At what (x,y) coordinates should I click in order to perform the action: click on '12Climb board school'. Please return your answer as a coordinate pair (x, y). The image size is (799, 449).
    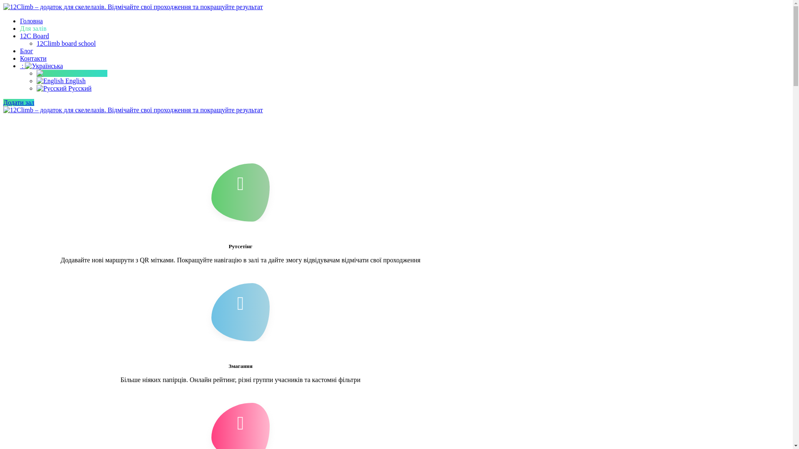
    Looking at the image, I should click on (65, 43).